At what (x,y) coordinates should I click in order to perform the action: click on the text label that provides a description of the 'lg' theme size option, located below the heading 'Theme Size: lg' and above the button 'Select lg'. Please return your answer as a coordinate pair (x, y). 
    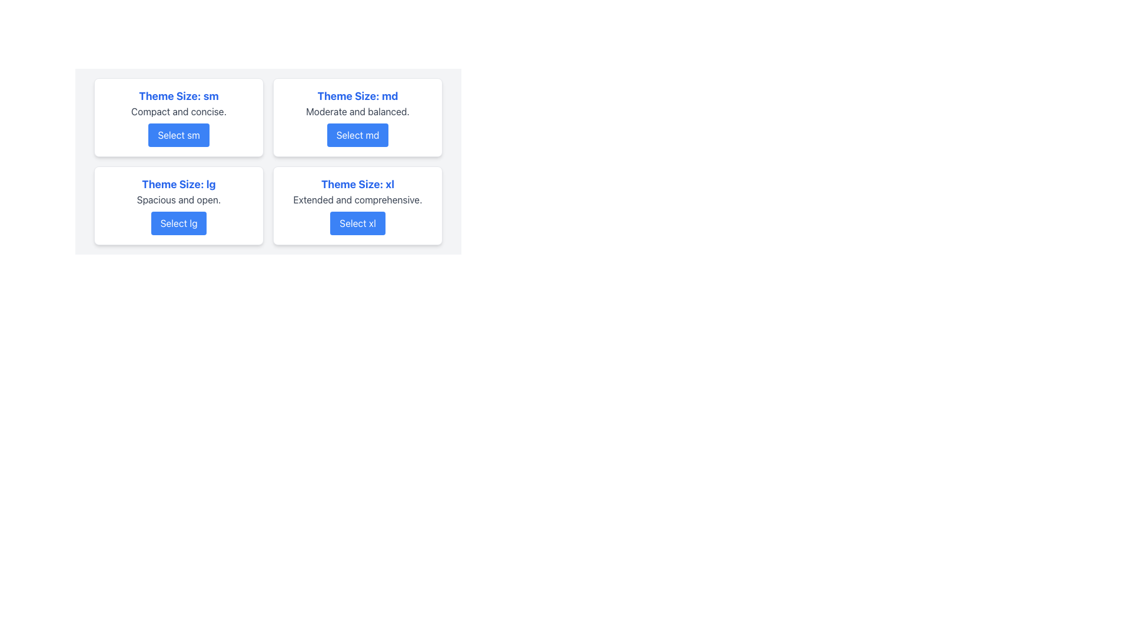
    Looking at the image, I should click on (178, 199).